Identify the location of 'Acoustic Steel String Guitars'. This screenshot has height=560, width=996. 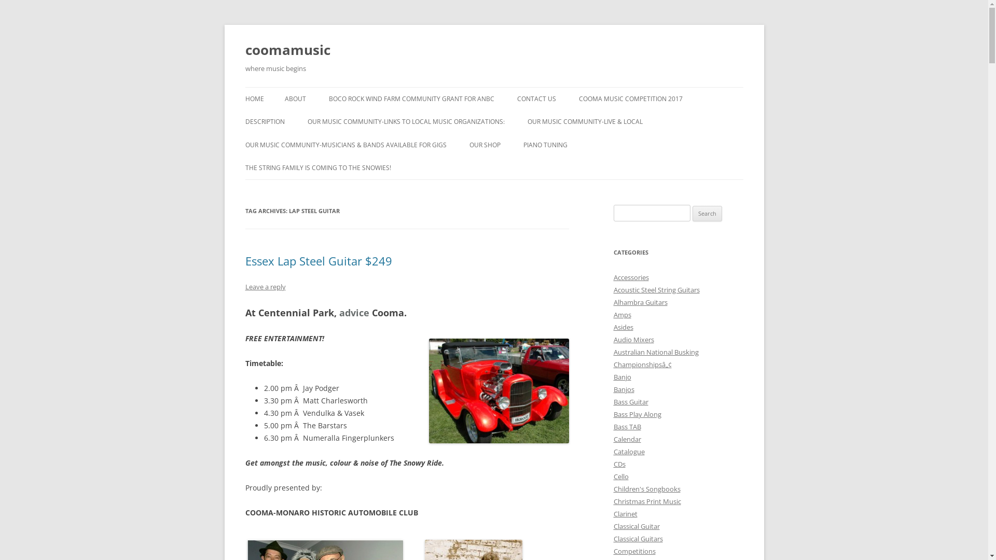
(656, 290).